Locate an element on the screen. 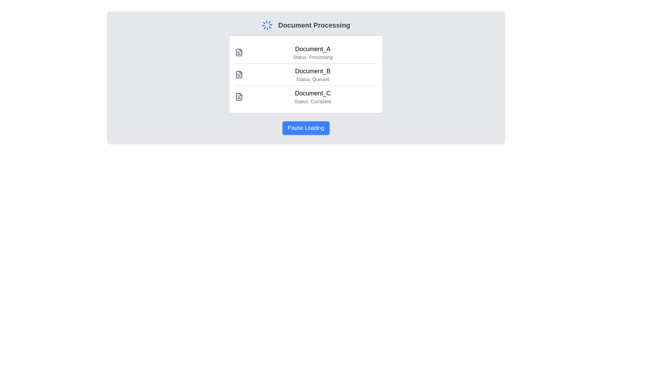 Image resolution: width=655 pixels, height=368 pixels. text from the Header with Icon that serves as the title for the document processing section, located at the top of a grey card is located at coordinates (306, 25).